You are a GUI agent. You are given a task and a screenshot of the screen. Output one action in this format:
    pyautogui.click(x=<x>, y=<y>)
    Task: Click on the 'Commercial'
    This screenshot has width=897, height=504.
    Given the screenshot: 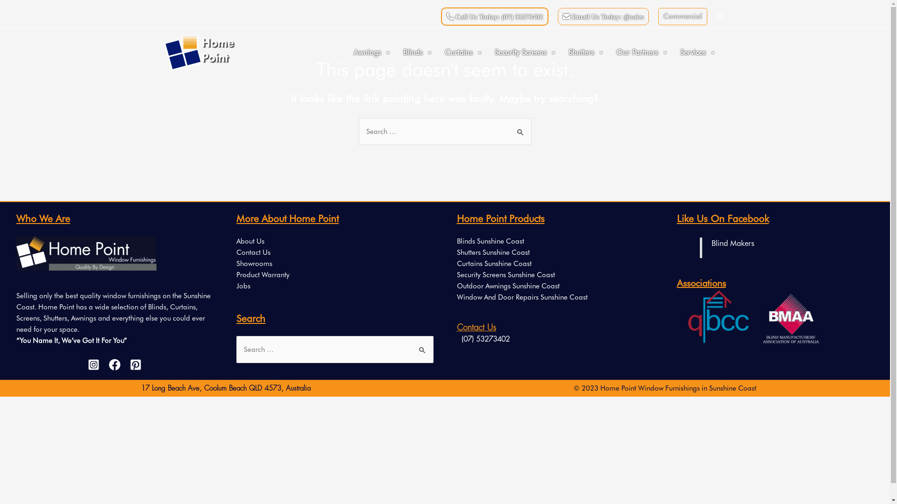 What is the action you would take?
    pyautogui.click(x=683, y=16)
    